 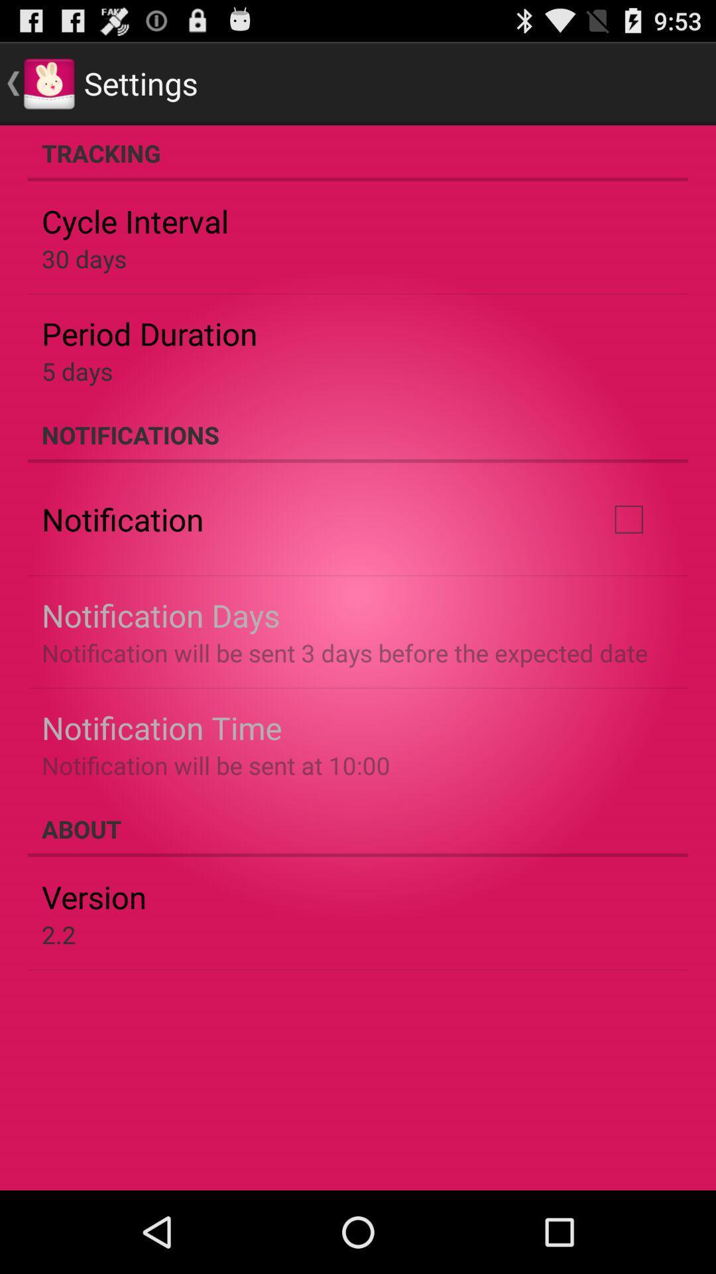 What do you see at coordinates (628, 518) in the screenshot?
I see `app below notifications` at bounding box center [628, 518].